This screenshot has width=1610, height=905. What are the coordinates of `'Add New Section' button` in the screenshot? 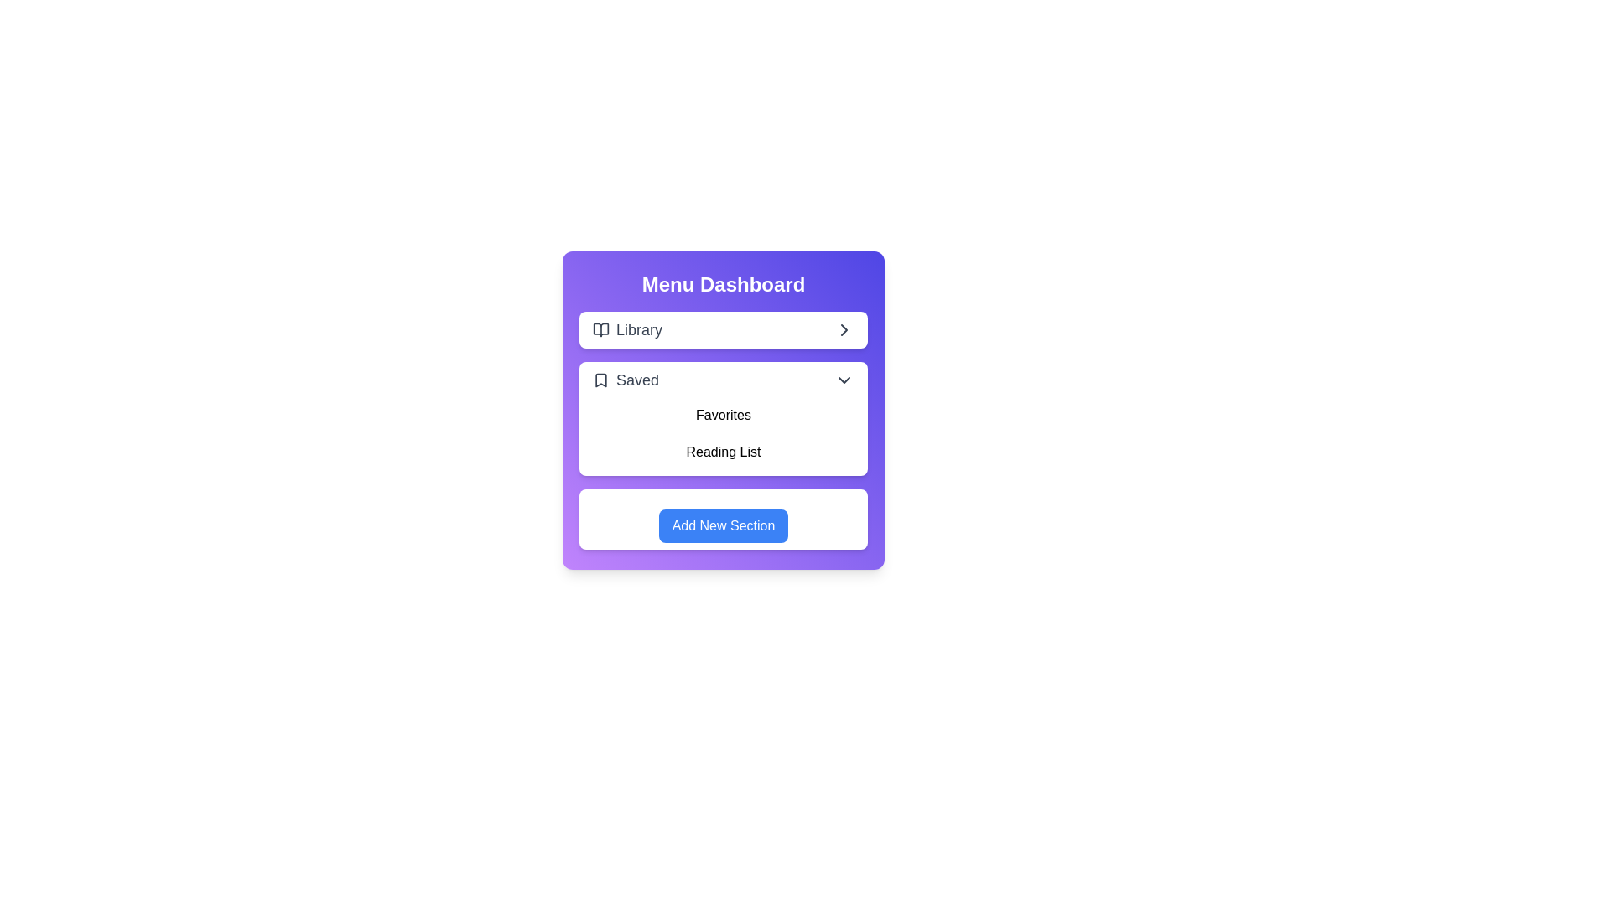 It's located at (724, 525).